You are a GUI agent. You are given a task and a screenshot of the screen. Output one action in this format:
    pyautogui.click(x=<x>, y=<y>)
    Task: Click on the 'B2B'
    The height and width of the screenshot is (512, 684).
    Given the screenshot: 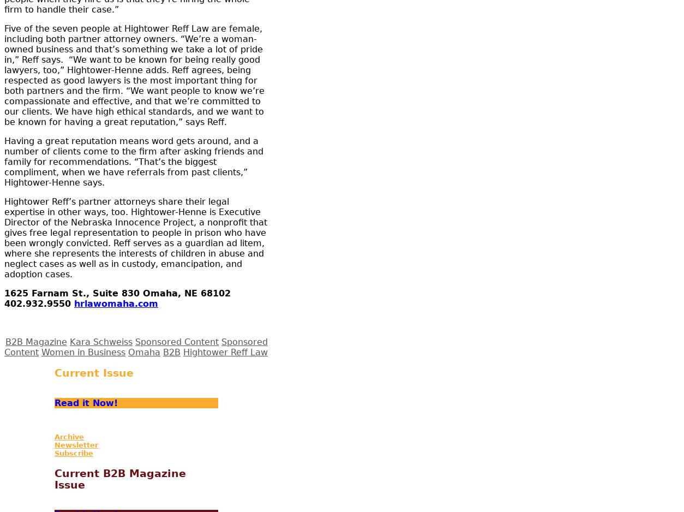 What is the action you would take?
    pyautogui.click(x=171, y=351)
    